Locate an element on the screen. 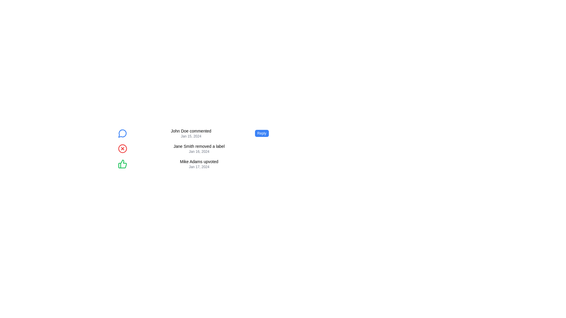  text label indicating that Mike Adams upvoted on Jan 17, 2024, located below Jane Smith's entry and next to a thumbs-up icon is located at coordinates (199, 164).